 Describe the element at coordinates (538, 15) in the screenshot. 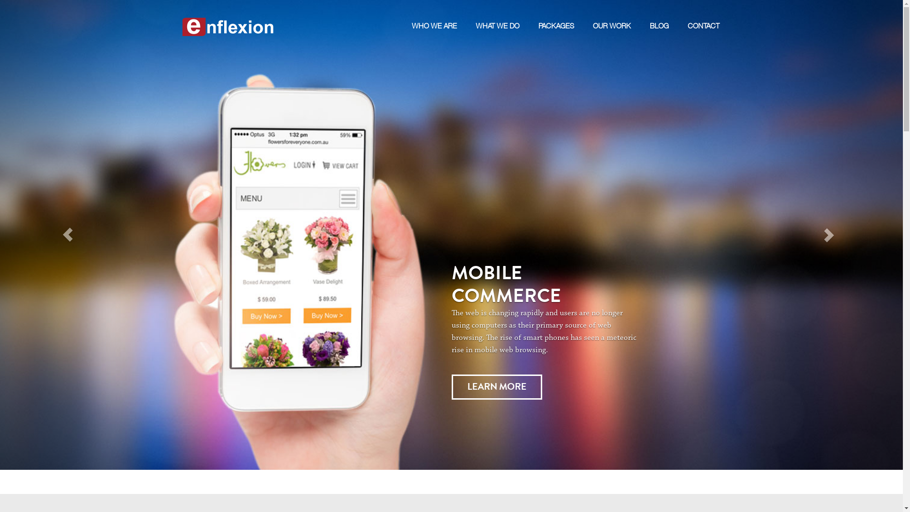

I see `'PACKAGES'` at that location.